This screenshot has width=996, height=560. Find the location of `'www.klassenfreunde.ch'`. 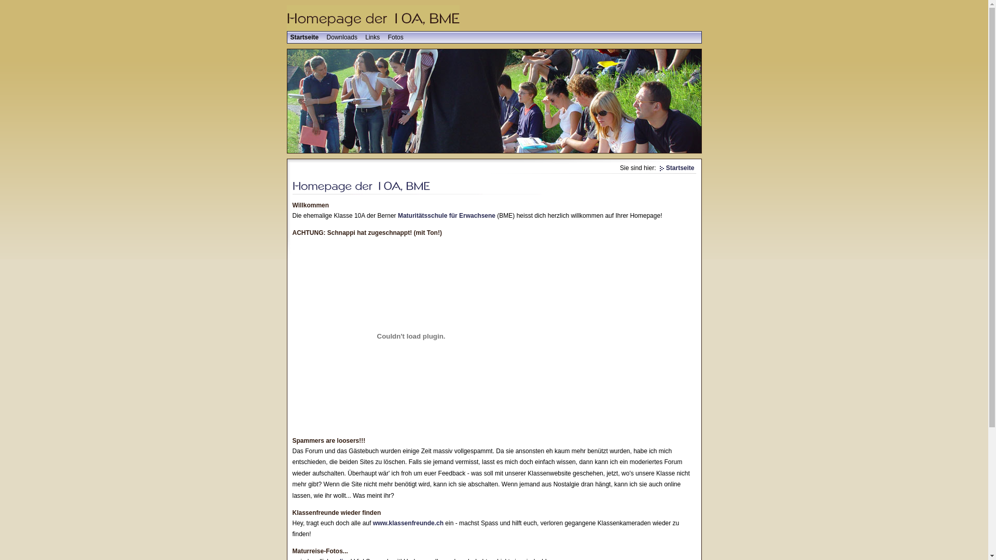

'www.klassenfreunde.ch' is located at coordinates (408, 523).